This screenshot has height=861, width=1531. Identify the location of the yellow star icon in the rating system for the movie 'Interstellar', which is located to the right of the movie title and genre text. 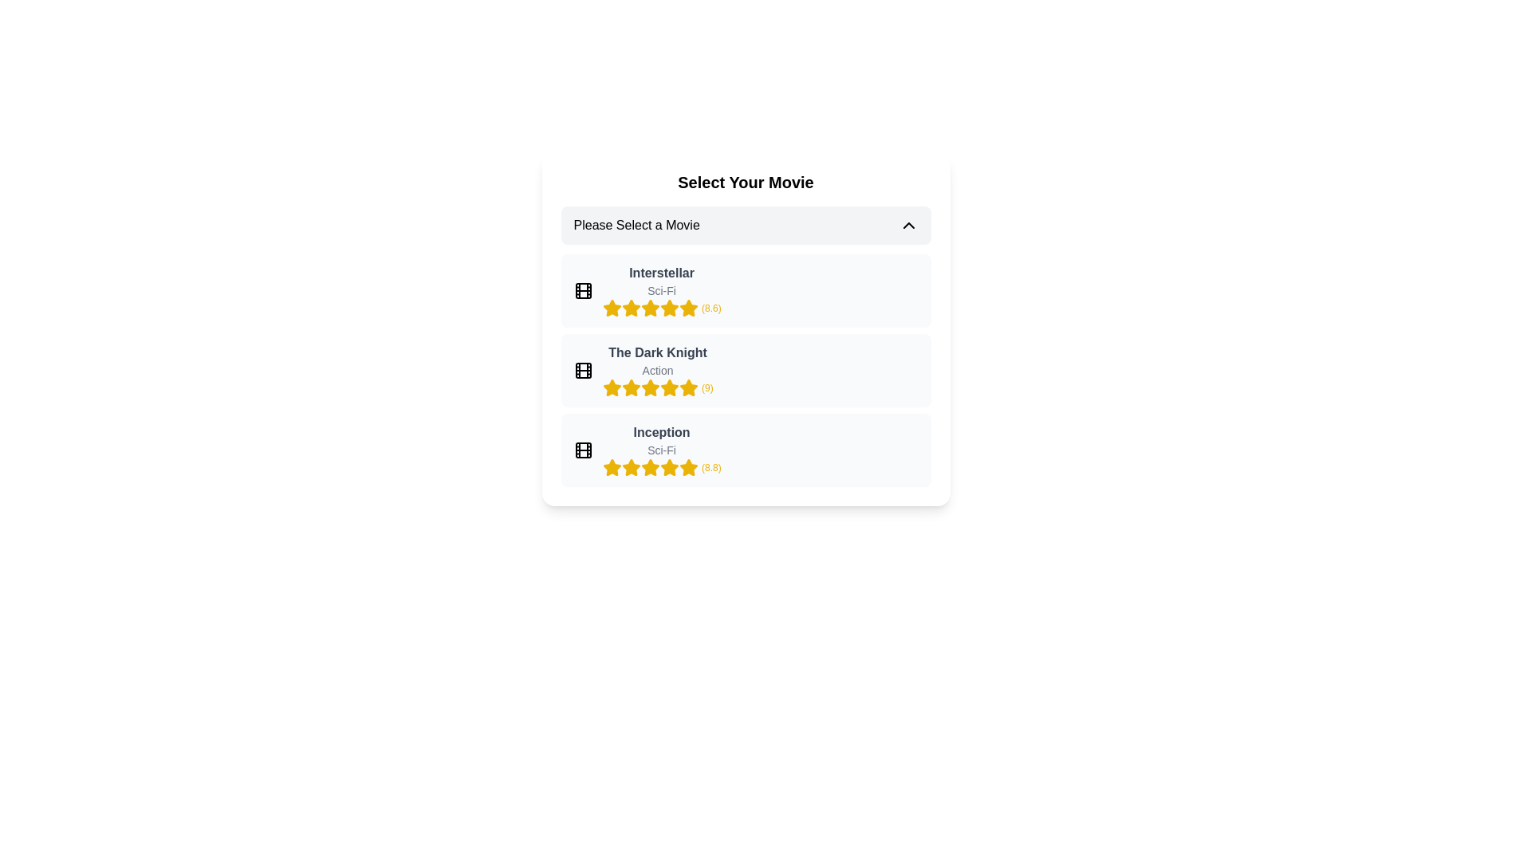
(611, 308).